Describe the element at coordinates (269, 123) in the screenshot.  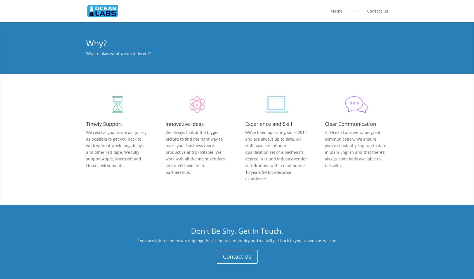
I see `'Experience and Skill'` at that location.